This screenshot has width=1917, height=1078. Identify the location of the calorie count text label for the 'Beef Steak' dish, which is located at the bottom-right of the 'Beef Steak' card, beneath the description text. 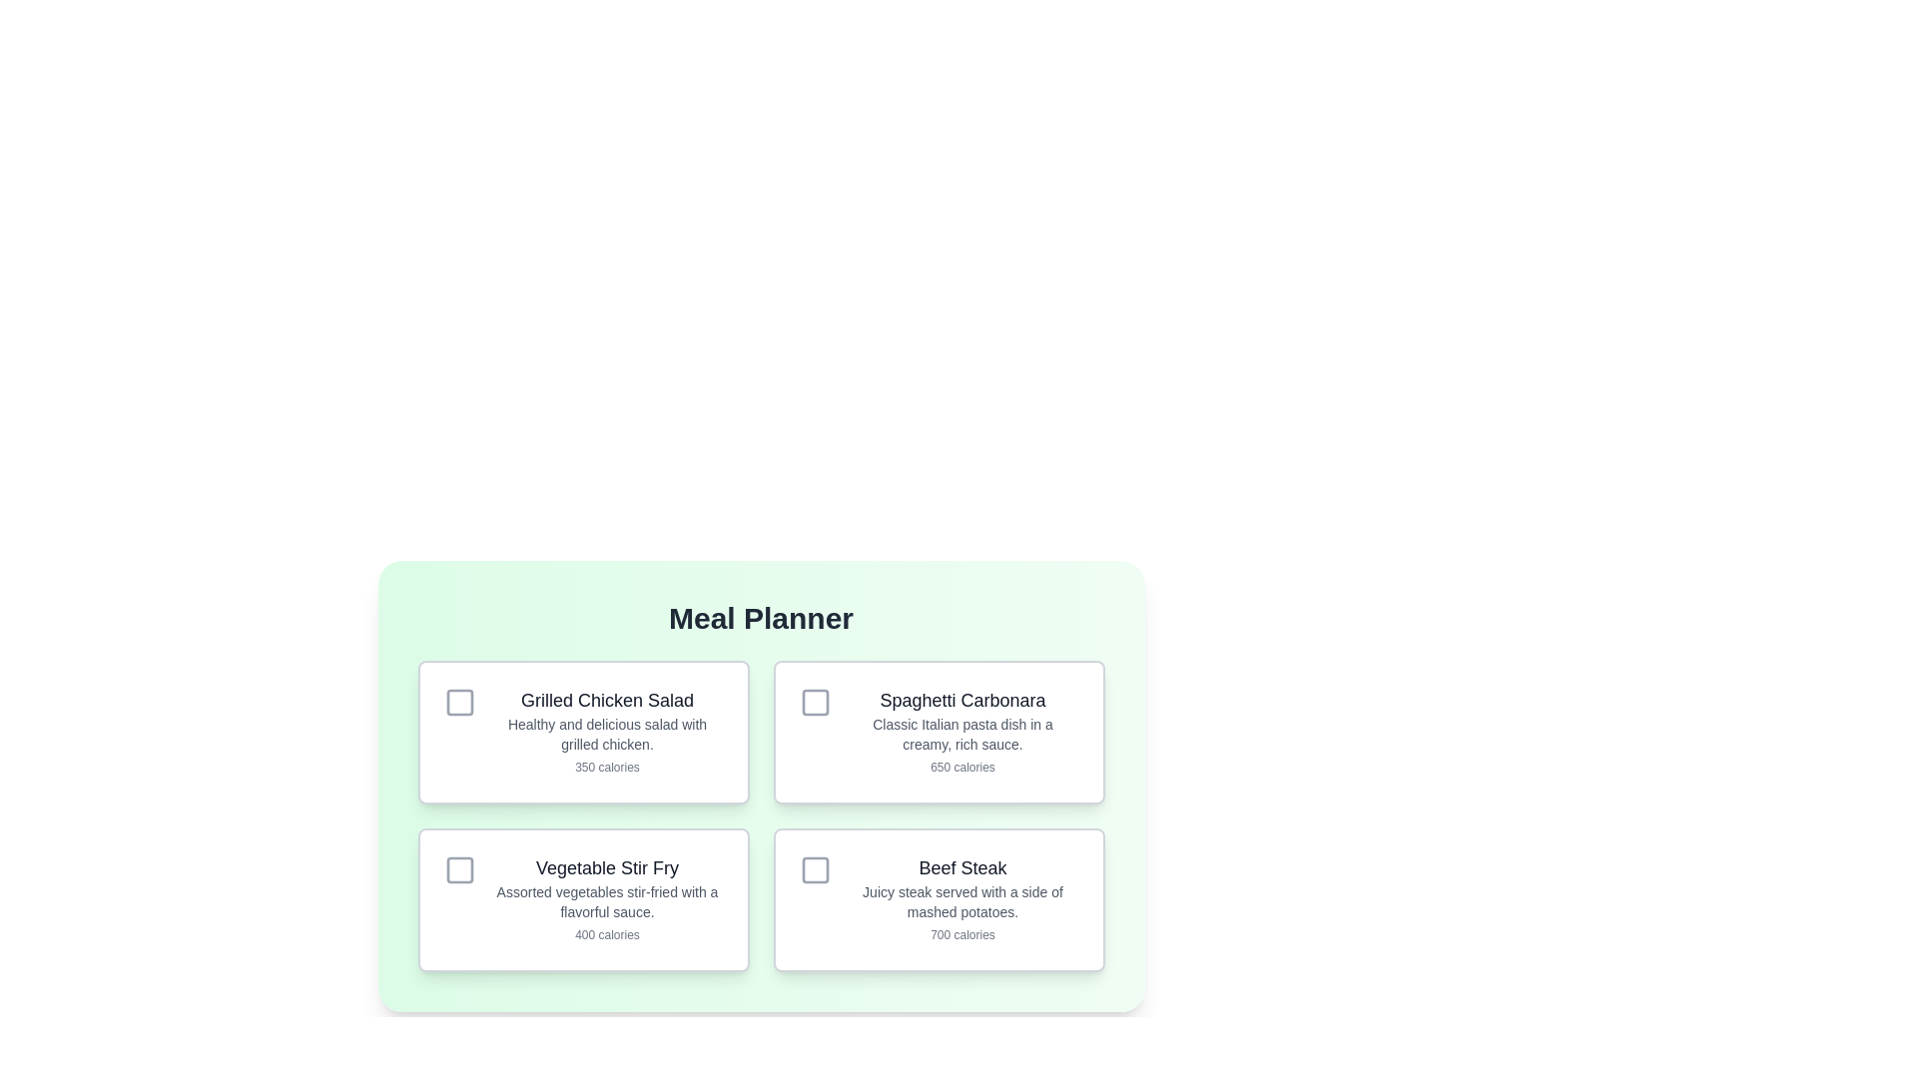
(962, 935).